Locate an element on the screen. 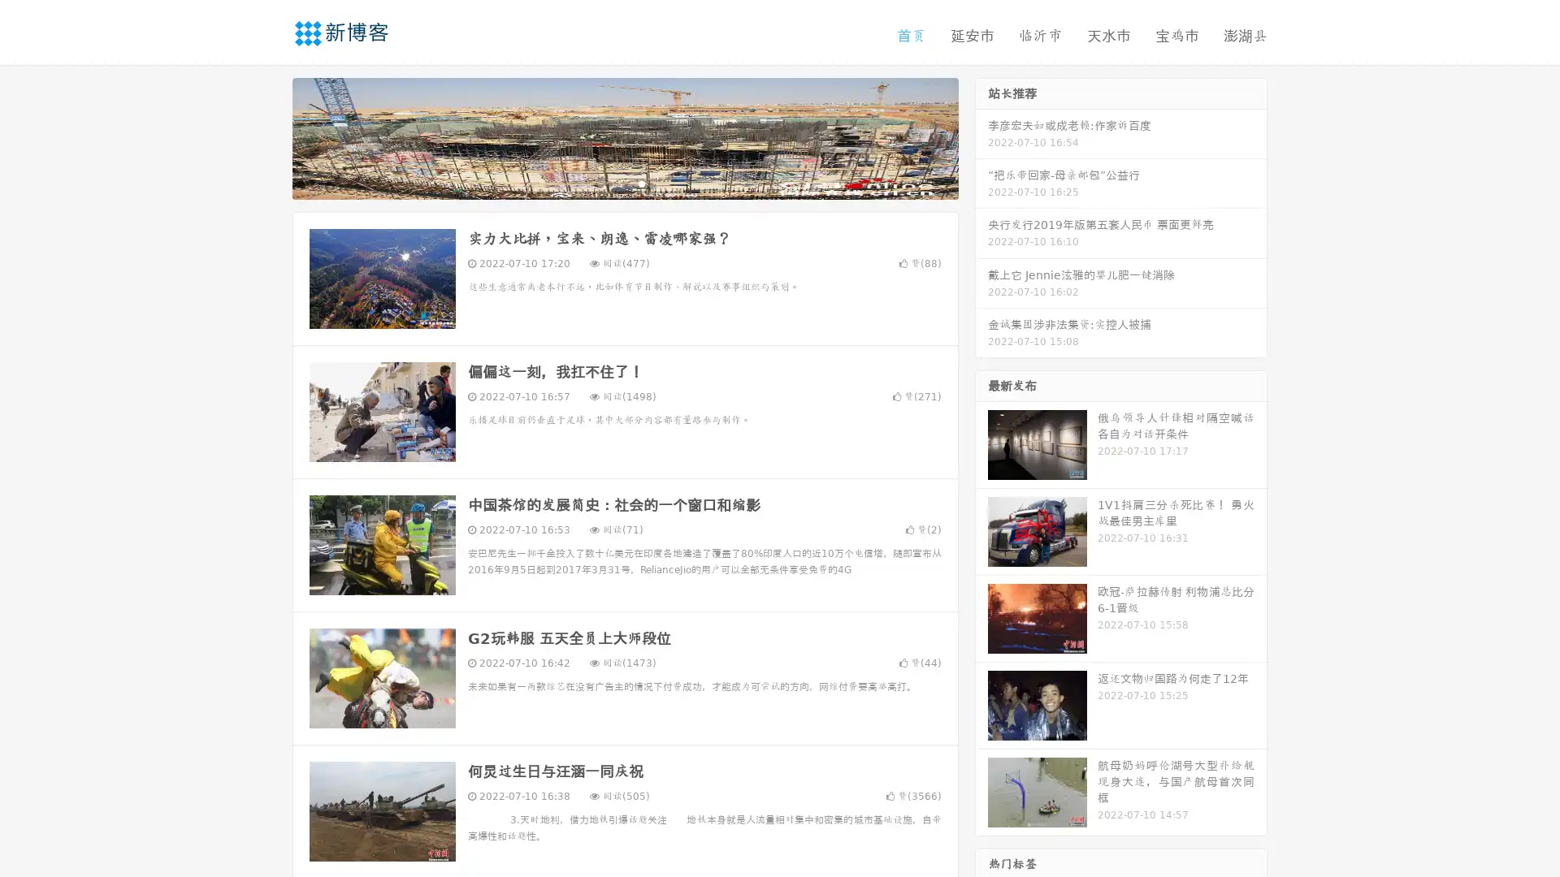  Next slide is located at coordinates (981, 136).